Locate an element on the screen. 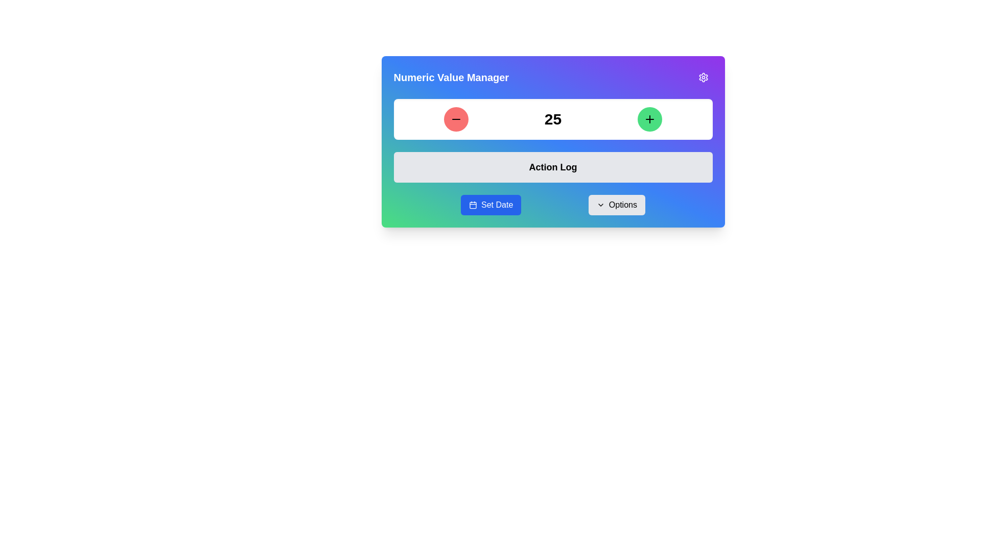 This screenshot has width=981, height=551. the Settings Cogwheel icon located in the top-right corner of the card-like interface with the title 'Numeric Value Manager' is located at coordinates (703, 77).